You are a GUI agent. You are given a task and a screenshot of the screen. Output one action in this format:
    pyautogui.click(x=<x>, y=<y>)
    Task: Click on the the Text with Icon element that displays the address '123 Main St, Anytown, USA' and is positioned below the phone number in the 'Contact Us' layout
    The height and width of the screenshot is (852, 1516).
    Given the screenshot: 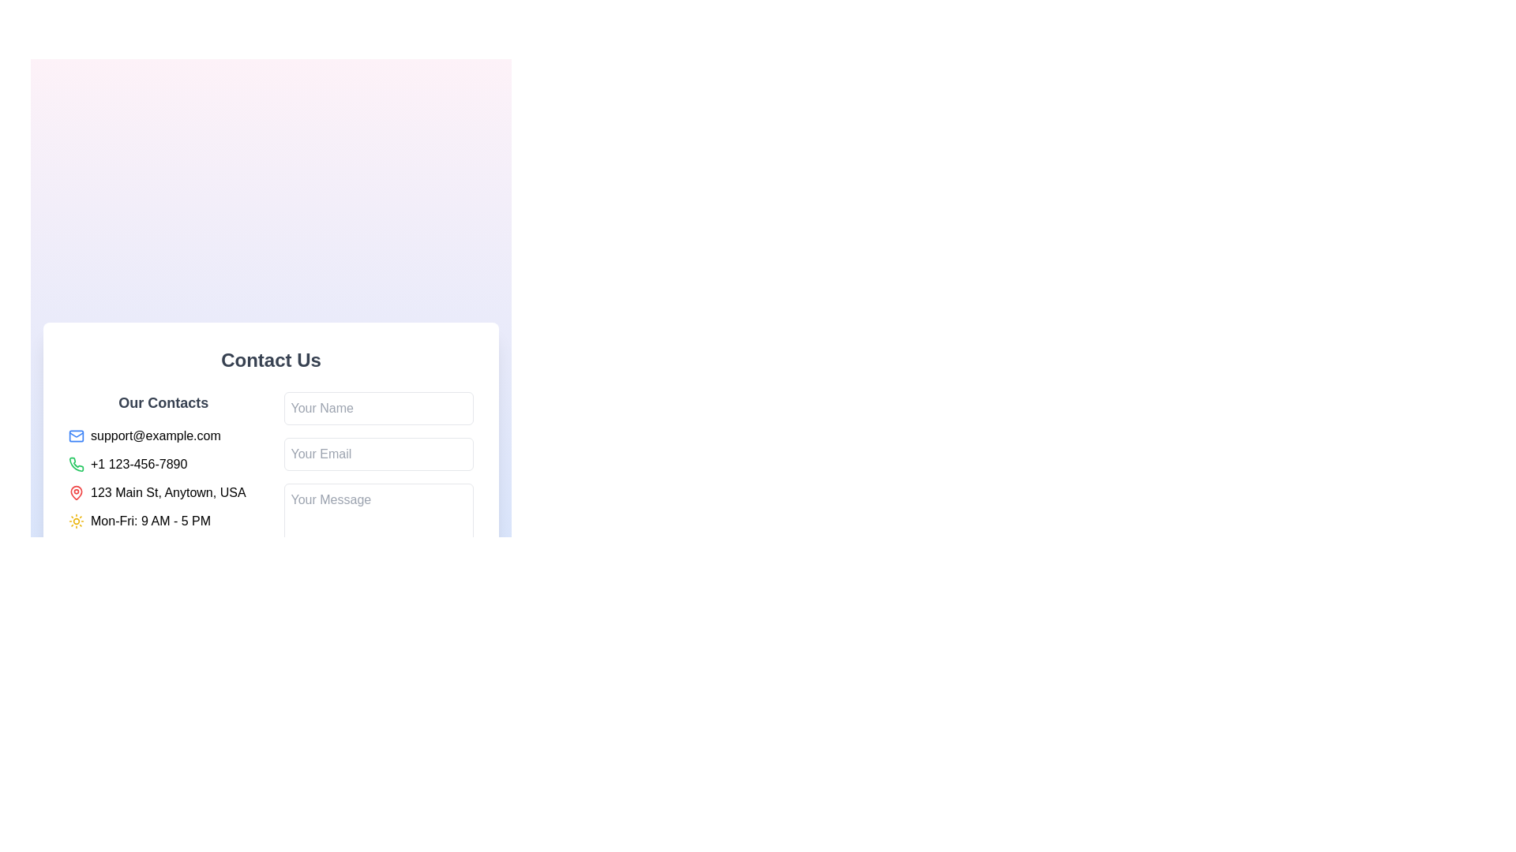 What is the action you would take?
    pyautogui.click(x=163, y=491)
    